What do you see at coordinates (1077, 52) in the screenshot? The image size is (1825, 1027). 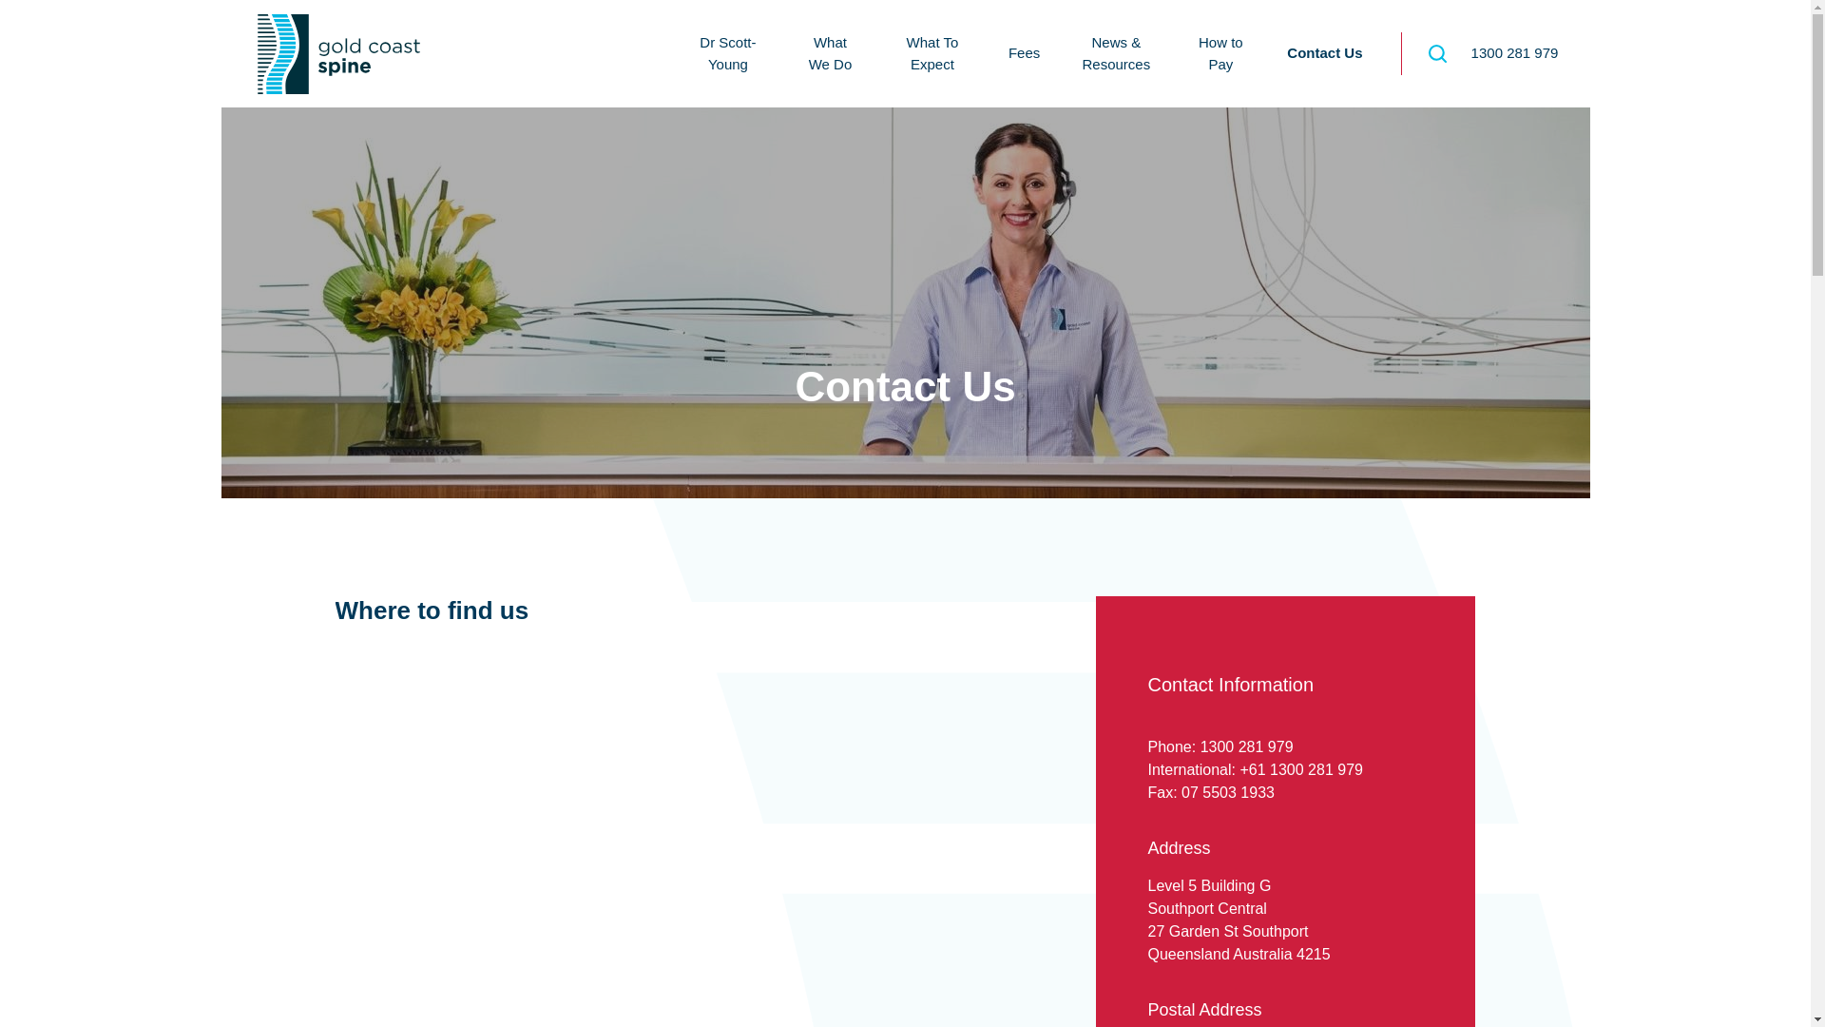 I see `'News & Resources'` at bounding box center [1077, 52].